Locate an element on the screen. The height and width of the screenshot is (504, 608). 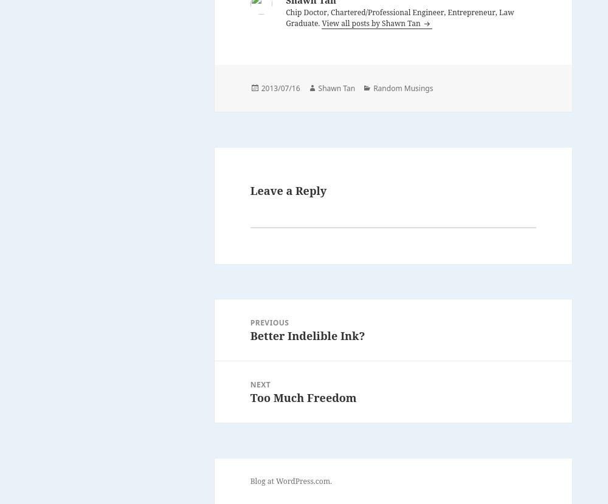
'2013/07/16' is located at coordinates (280, 87).